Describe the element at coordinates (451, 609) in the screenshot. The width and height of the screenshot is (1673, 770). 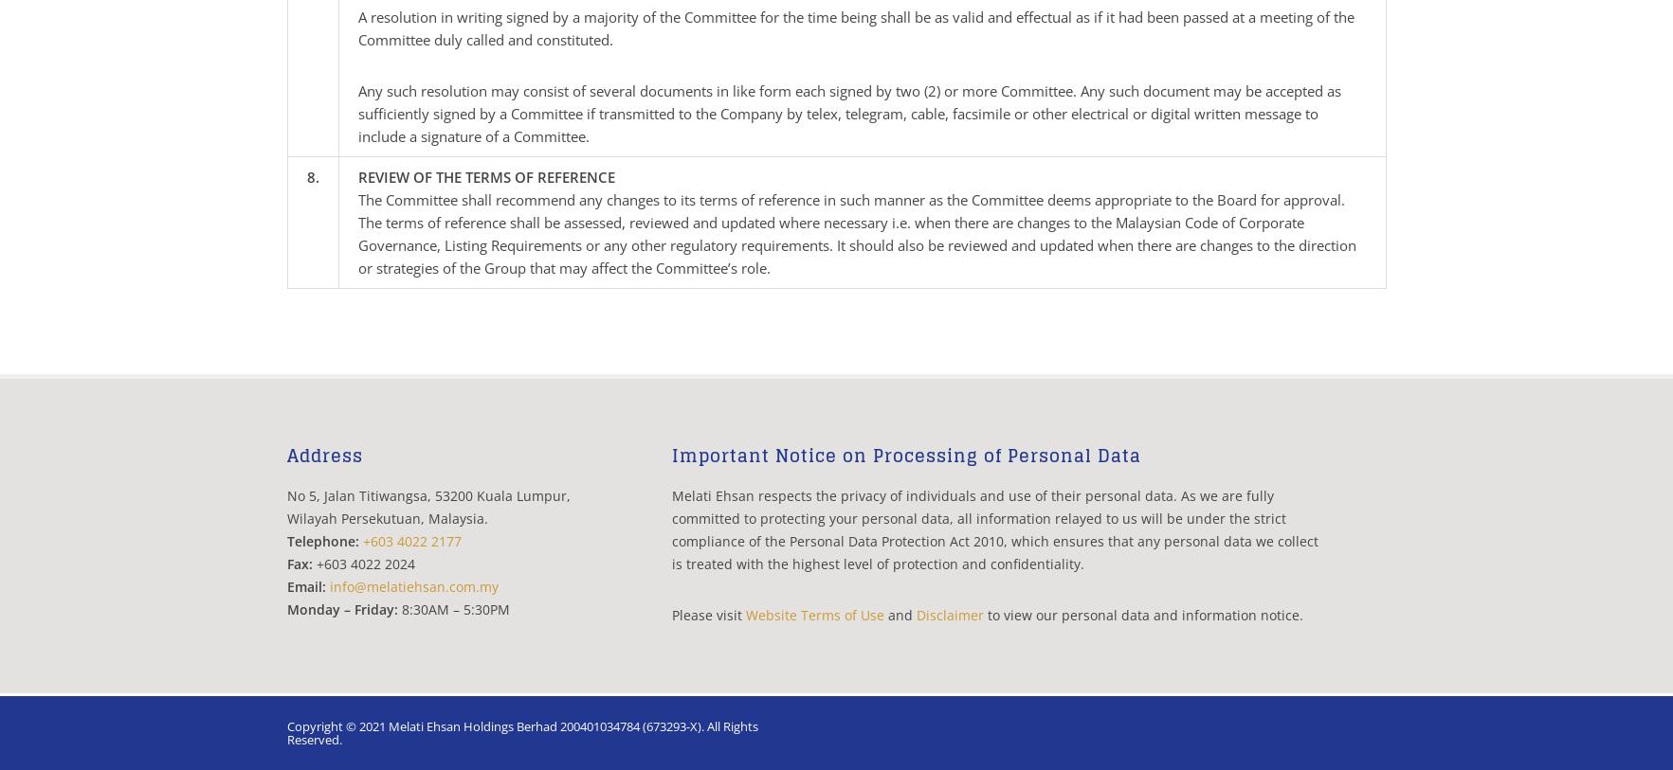
I see `'8:30AM – 5:30PM'` at that location.